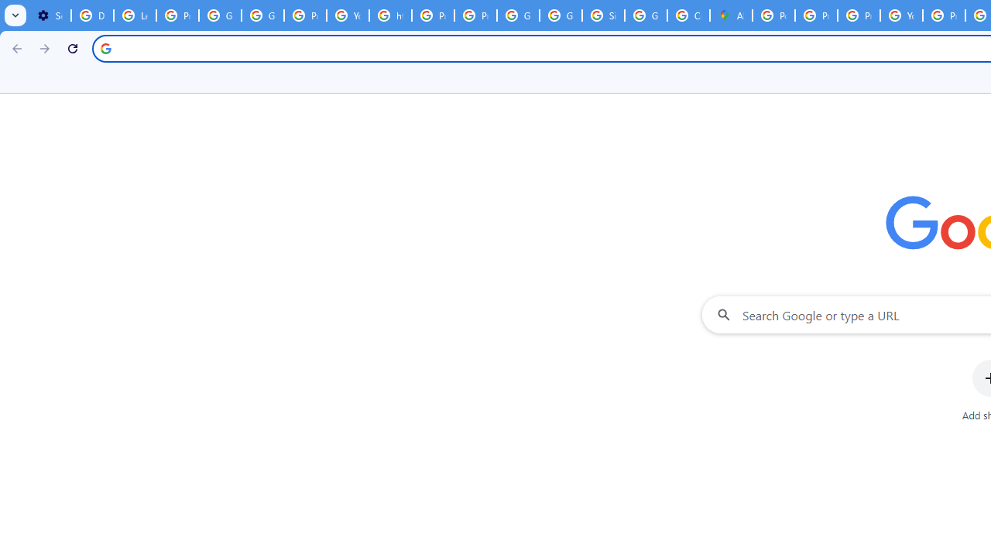 Image resolution: width=991 pixels, height=557 pixels. I want to click on 'Privacy Help Center - Policies Help', so click(815, 15).